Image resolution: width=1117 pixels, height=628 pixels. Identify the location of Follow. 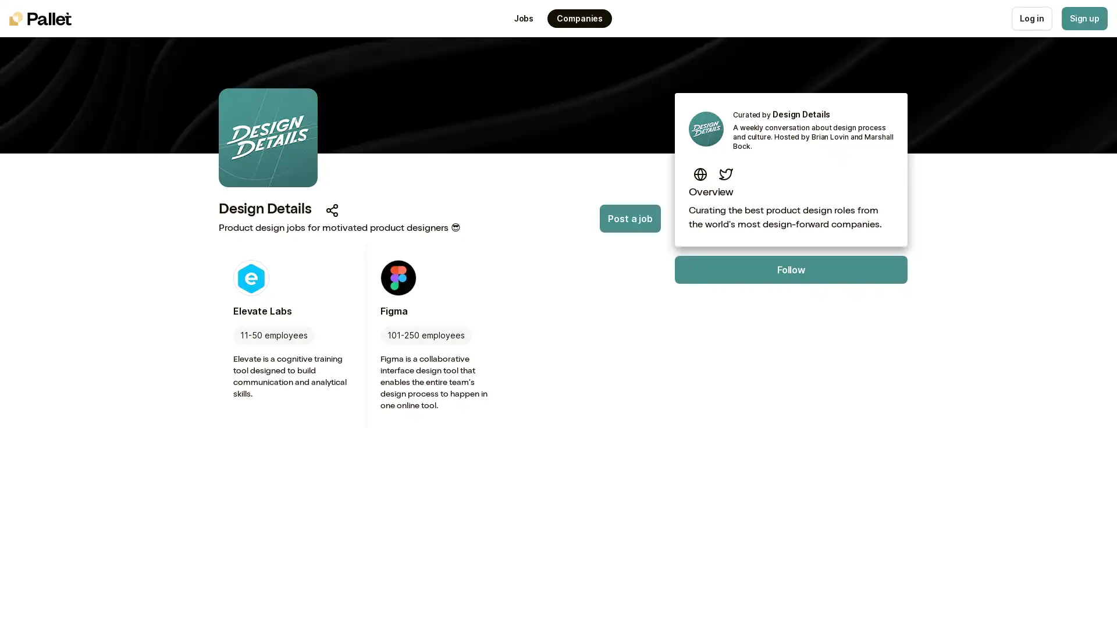
(791, 269).